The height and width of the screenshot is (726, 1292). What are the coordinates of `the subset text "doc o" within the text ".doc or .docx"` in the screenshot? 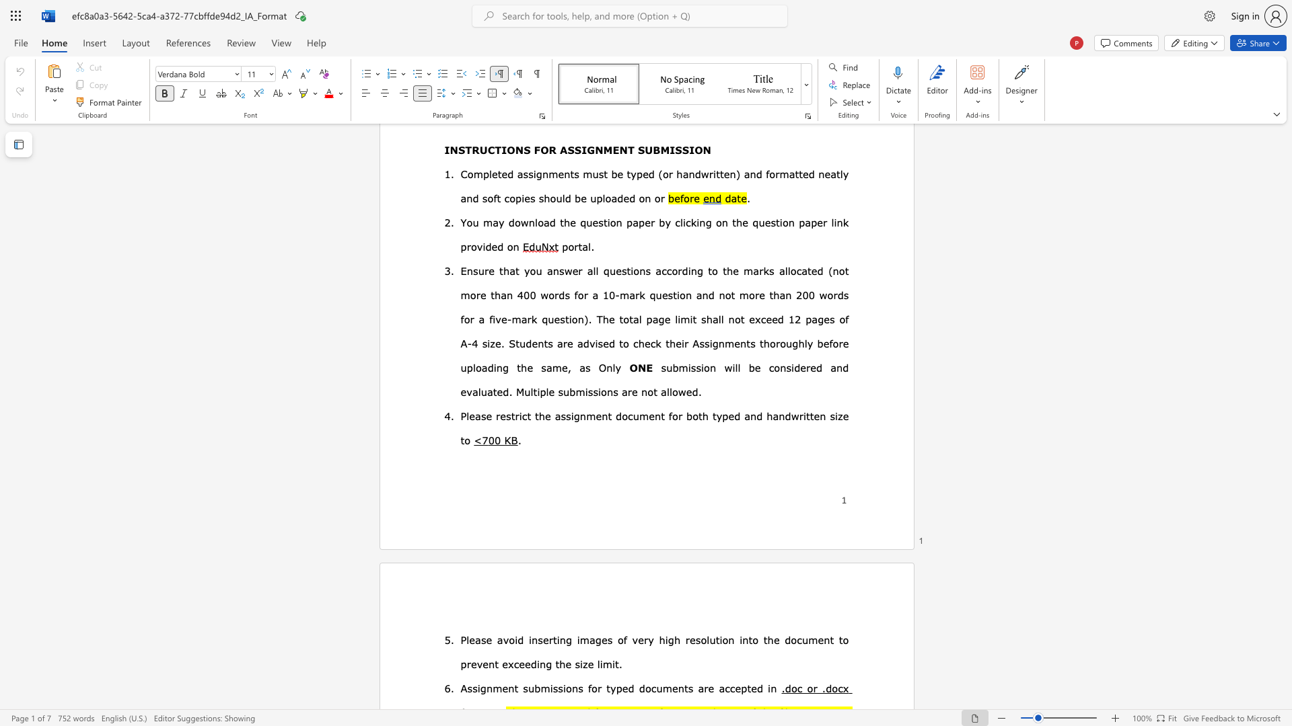 It's located at (785, 688).